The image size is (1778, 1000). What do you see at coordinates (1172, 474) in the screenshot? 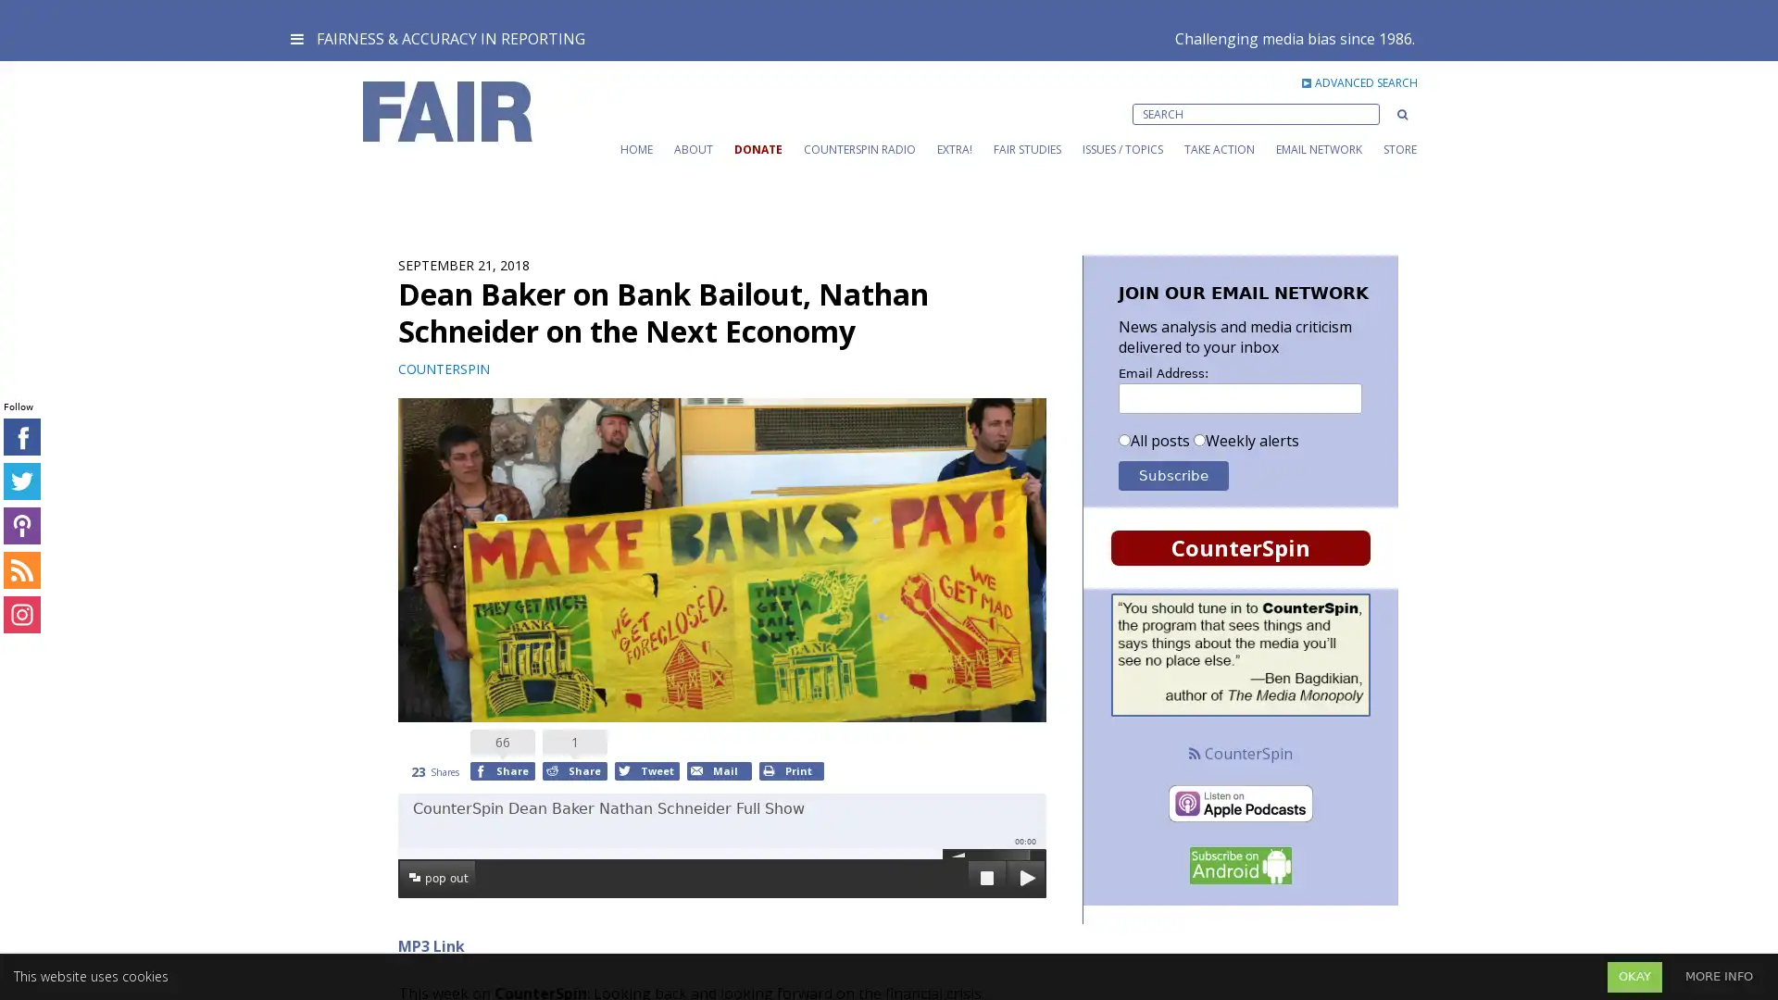
I see `Subscribe` at bounding box center [1172, 474].